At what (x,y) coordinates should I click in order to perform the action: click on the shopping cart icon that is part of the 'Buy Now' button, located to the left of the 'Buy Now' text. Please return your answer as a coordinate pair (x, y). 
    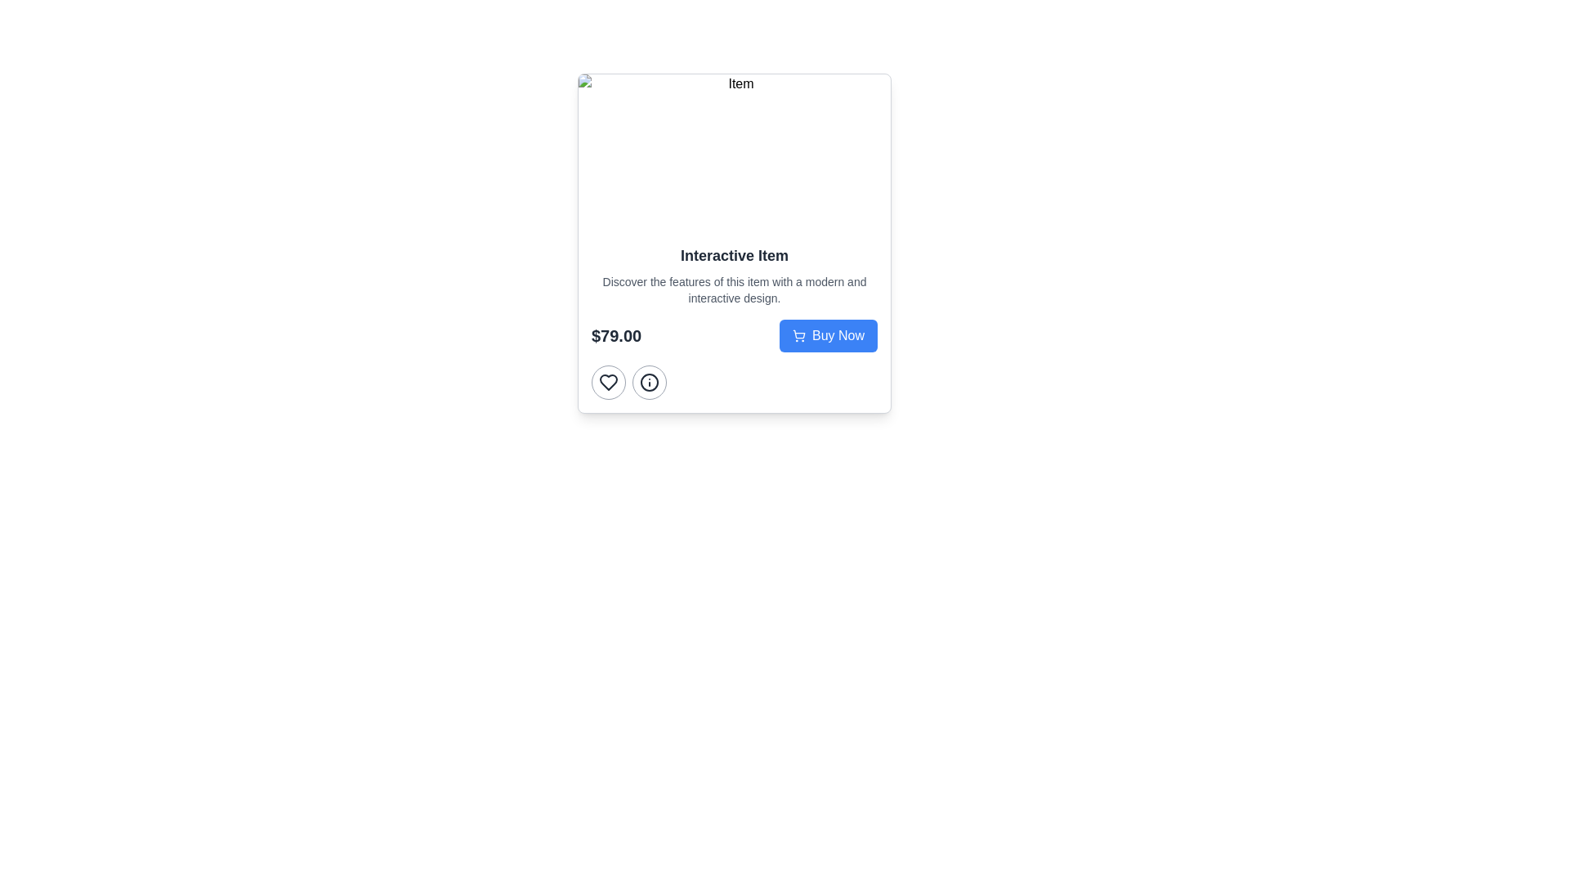
    Looking at the image, I should click on (799, 335).